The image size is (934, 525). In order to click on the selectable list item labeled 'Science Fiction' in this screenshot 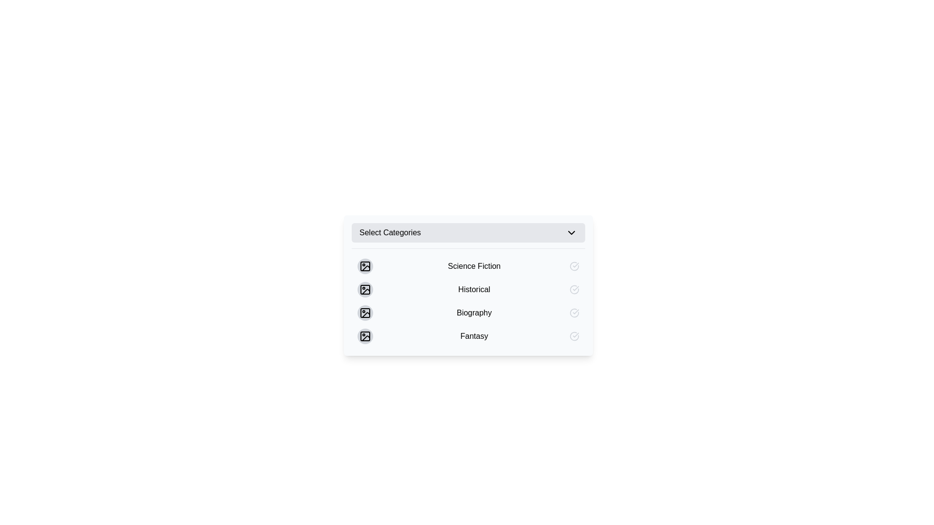, I will do `click(468, 266)`.